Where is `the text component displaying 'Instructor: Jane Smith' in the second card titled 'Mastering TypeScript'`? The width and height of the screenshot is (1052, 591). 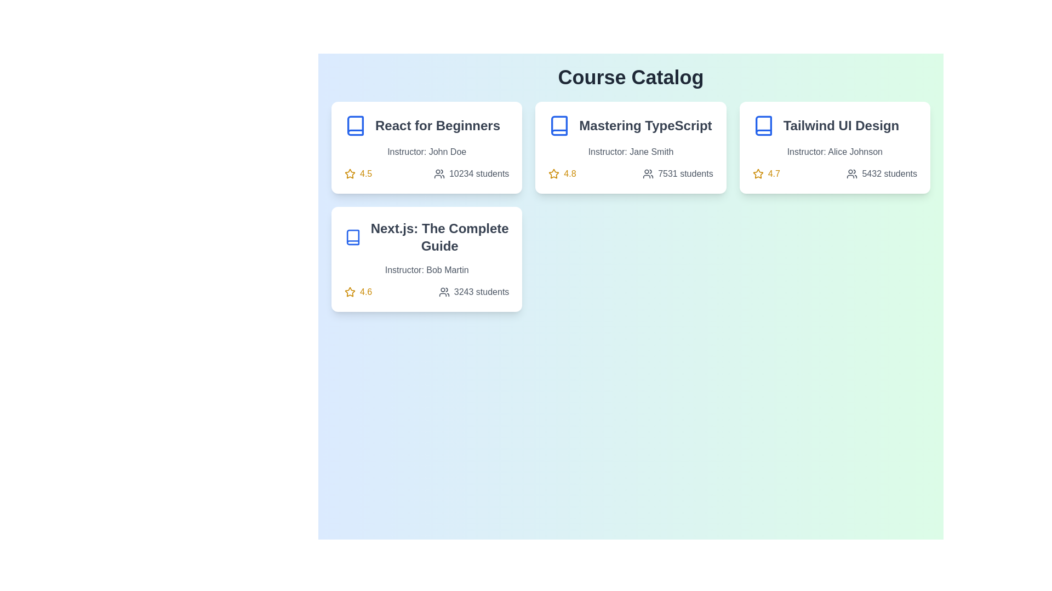
the text component displaying 'Instructor: Jane Smith' in the second card titled 'Mastering TypeScript' is located at coordinates (631, 152).